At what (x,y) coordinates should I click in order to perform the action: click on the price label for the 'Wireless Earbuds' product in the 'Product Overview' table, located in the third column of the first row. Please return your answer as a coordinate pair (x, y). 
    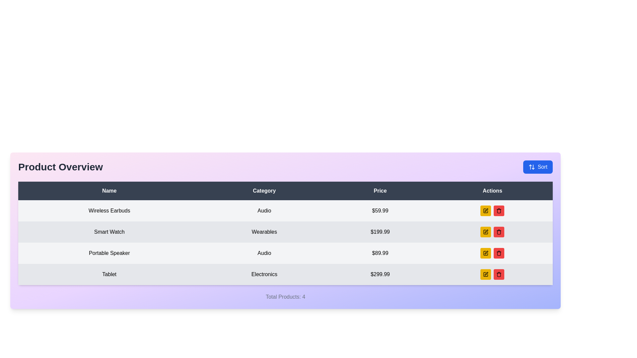
    Looking at the image, I should click on (380, 211).